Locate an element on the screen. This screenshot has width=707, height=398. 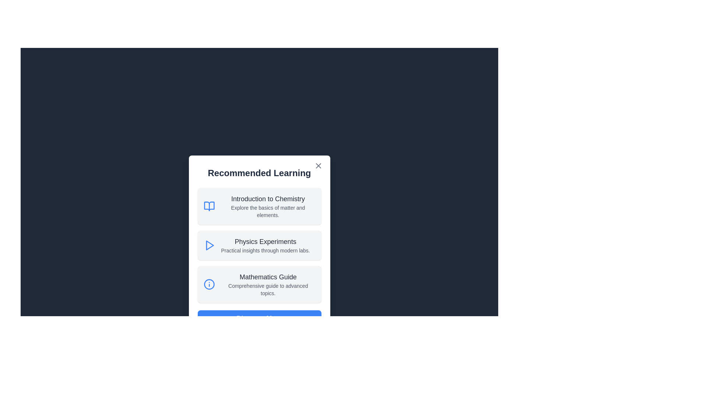
the text label reading 'Explore the basics of matter and elements.' located below the heading 'Introduction to Chemistry' in the 'Recommended Learning' section is located at coordinates (268, 212).